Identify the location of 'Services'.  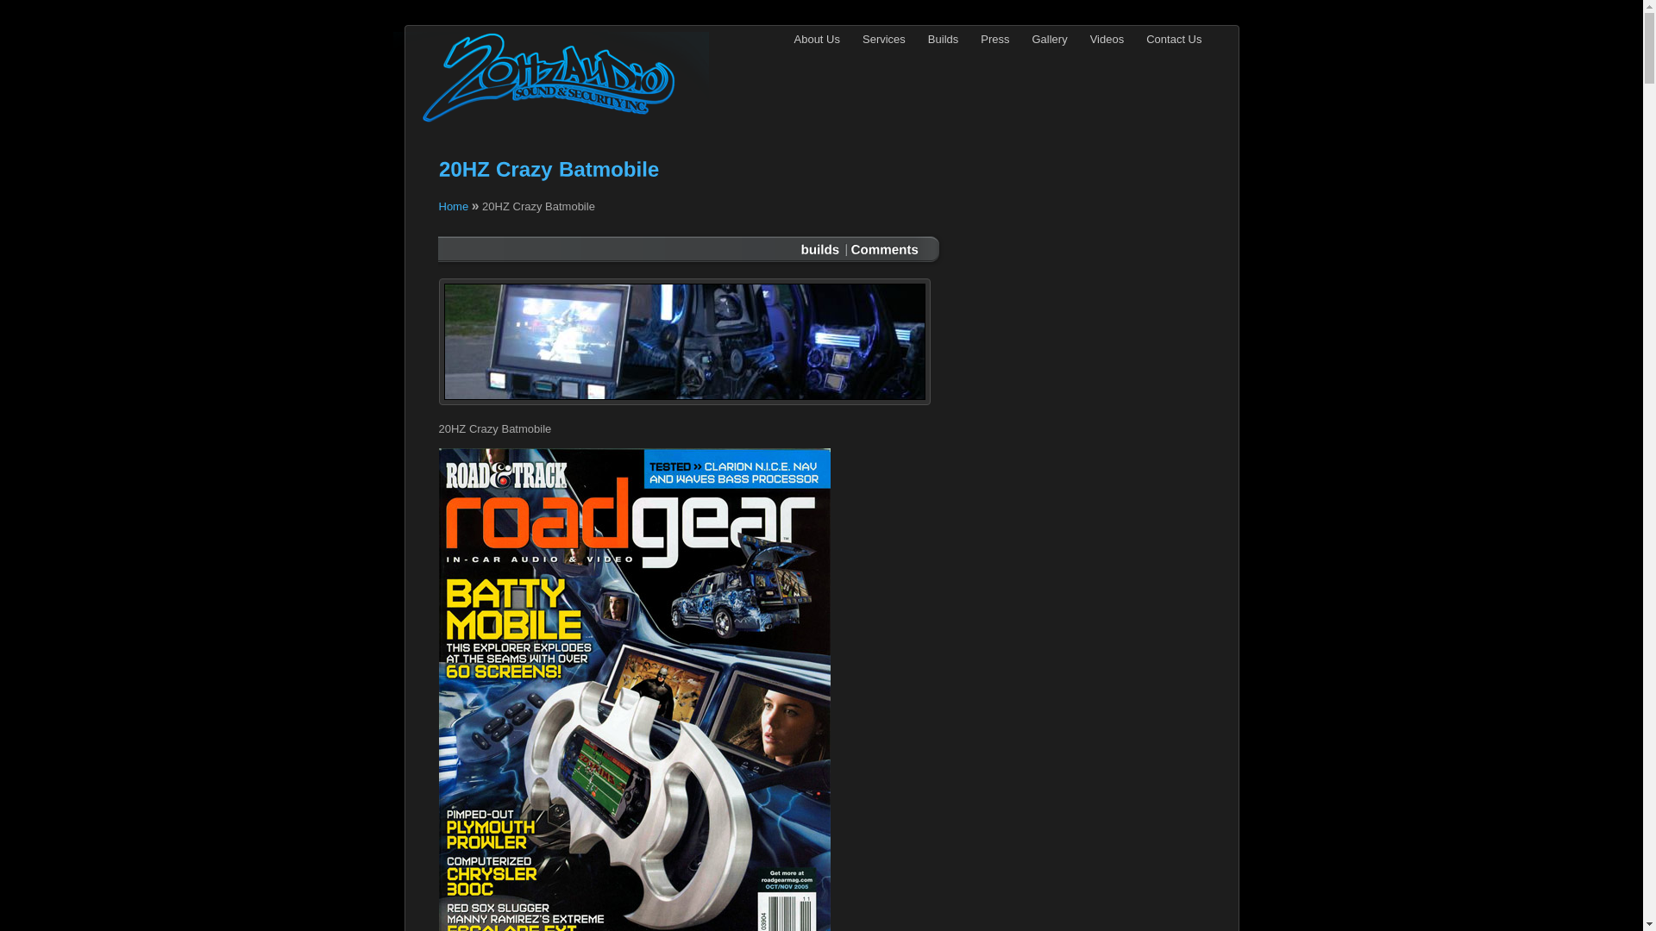
(884, 39).